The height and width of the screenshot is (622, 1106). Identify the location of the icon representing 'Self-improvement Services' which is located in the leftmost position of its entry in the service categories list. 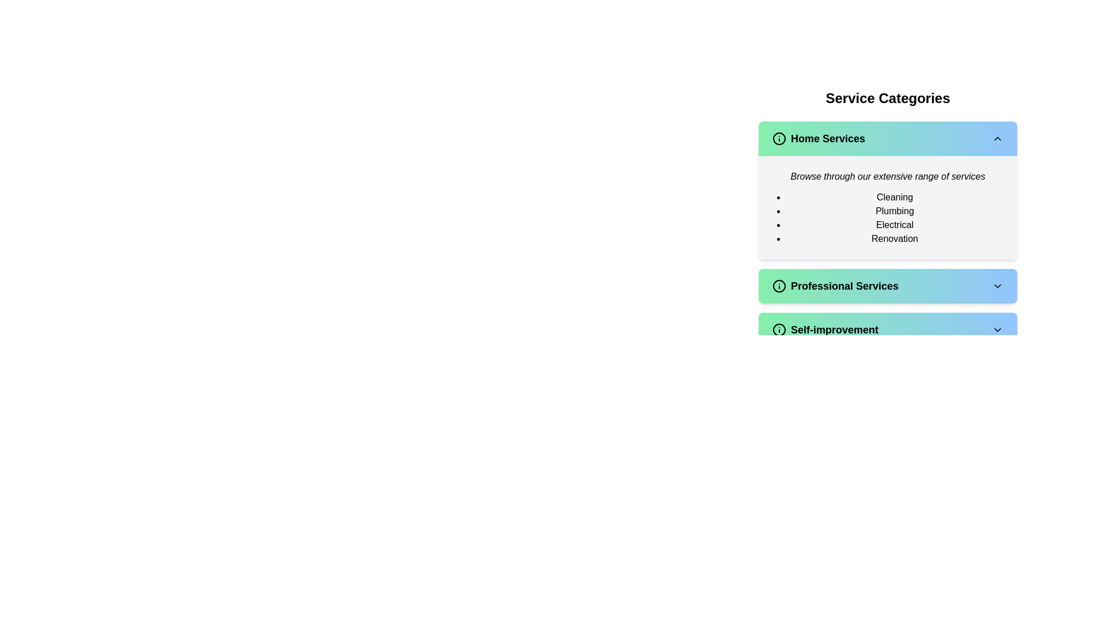
(779, 330).